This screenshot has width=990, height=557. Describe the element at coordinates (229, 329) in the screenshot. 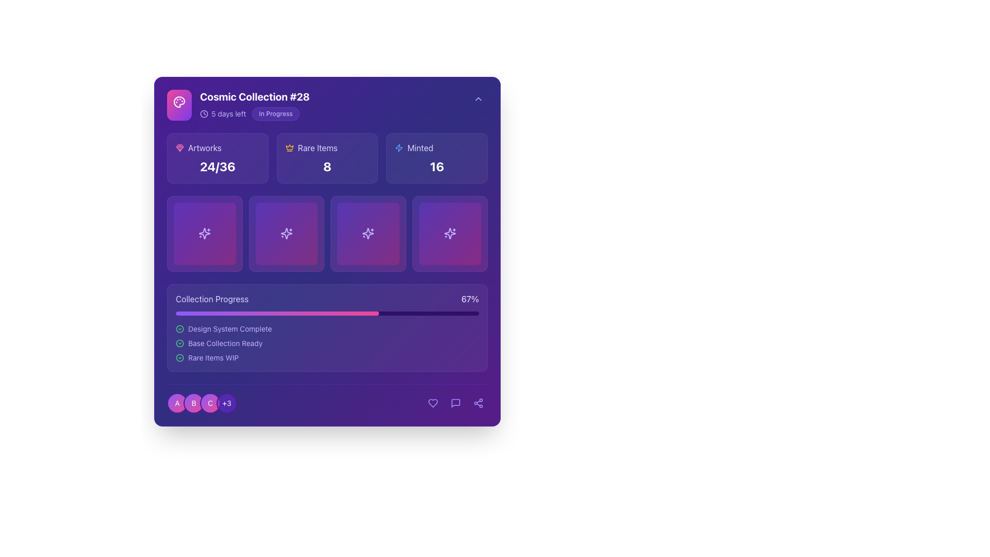

I see `the text label displaying 'Design System Complete' in the 'Collection Progress' section, which is styled with a small sans-serif font and a violet hue, indicating a completed task` at that location.